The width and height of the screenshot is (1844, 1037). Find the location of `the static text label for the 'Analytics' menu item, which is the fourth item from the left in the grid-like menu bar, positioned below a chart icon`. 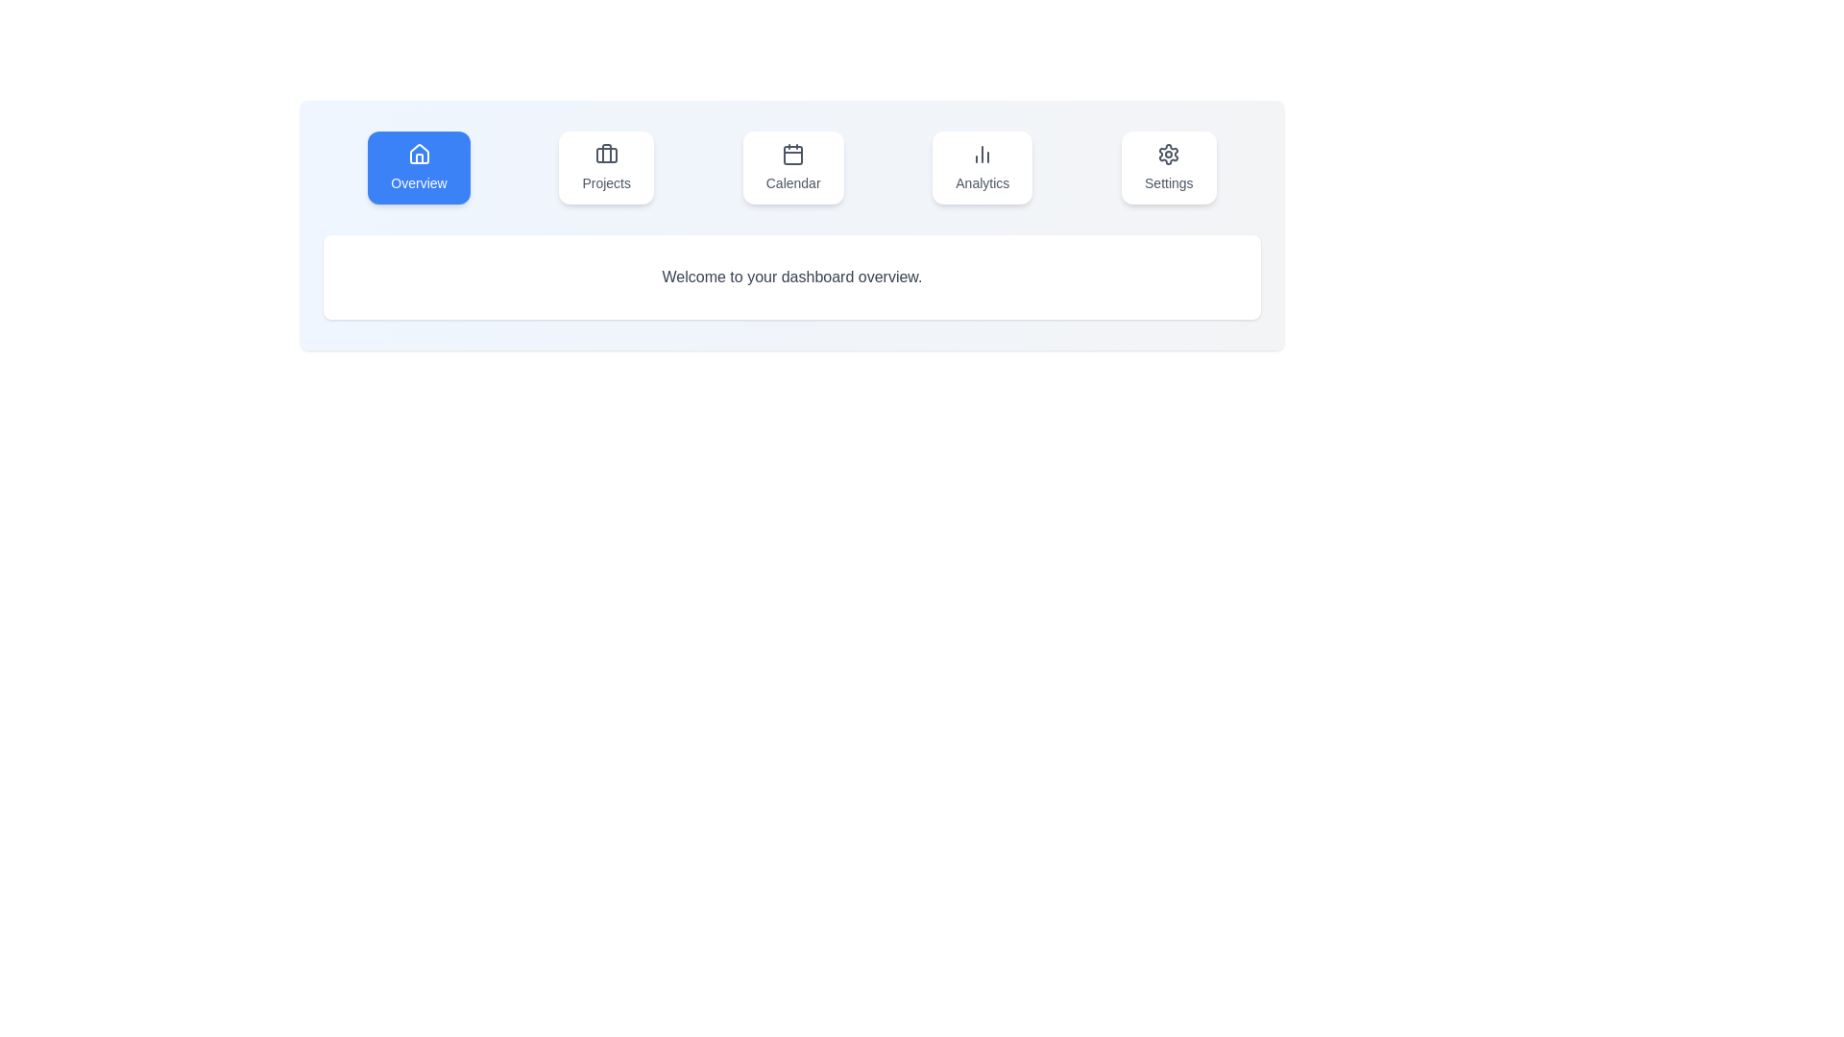

the static text label for the 'Analytics' menu item, which is the fourth item from the left in the grid-like menu bar, positioned below a chart icon is located at coordinates (983, 183).